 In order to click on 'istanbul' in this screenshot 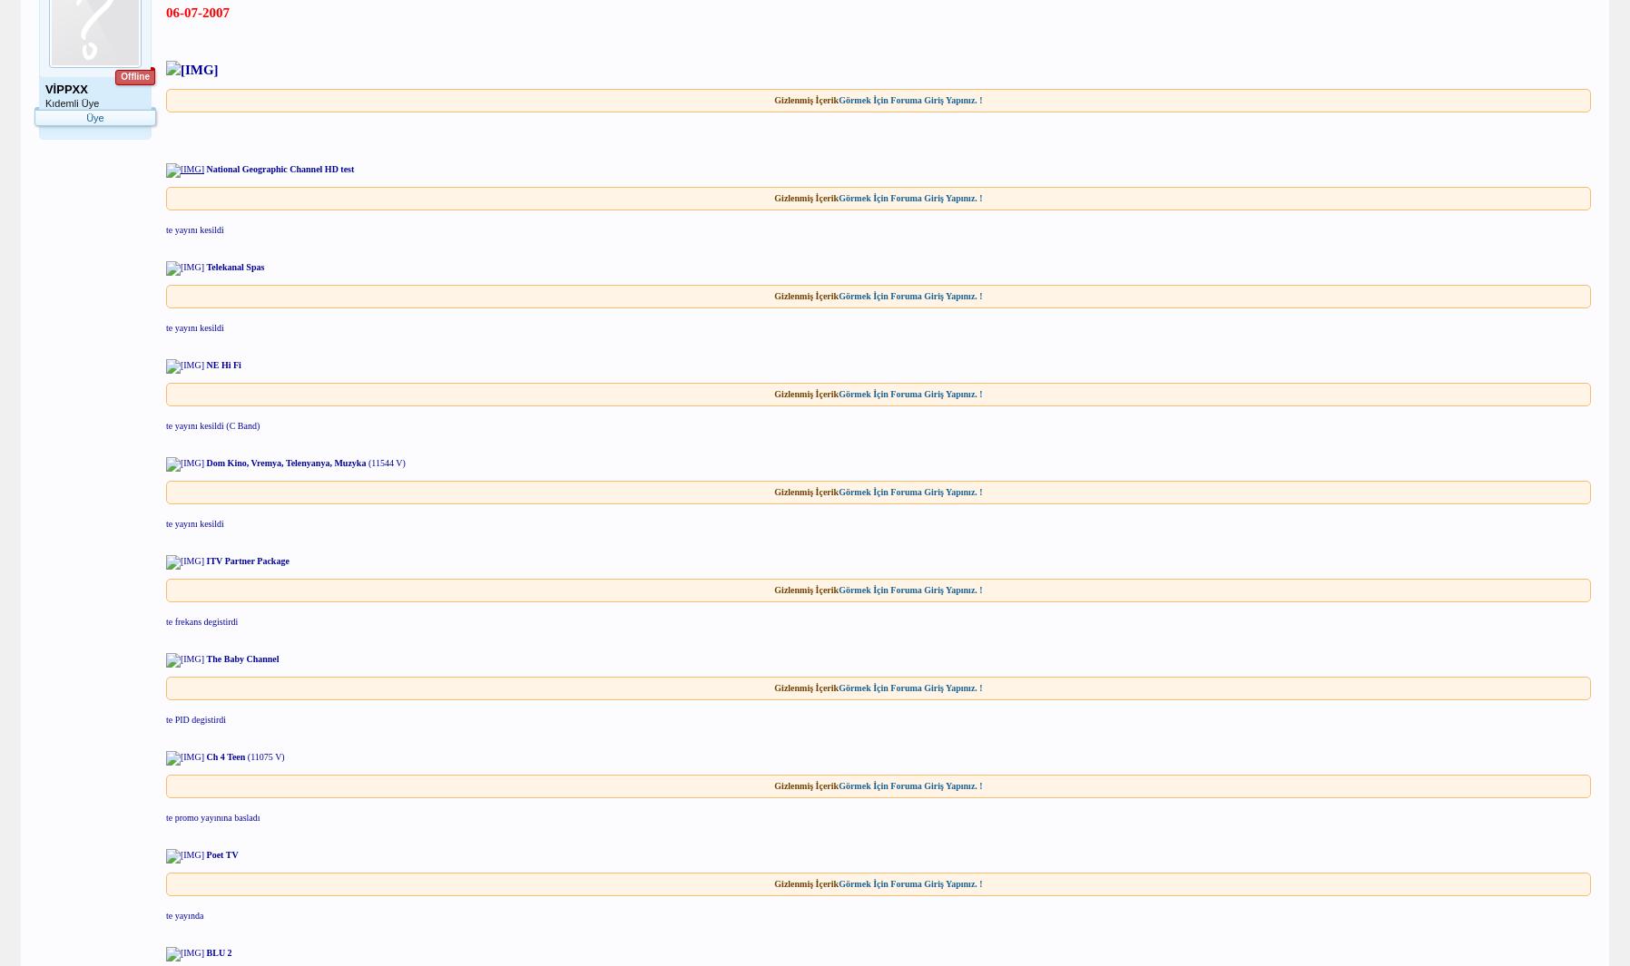, I will do `click(128, 189)`.